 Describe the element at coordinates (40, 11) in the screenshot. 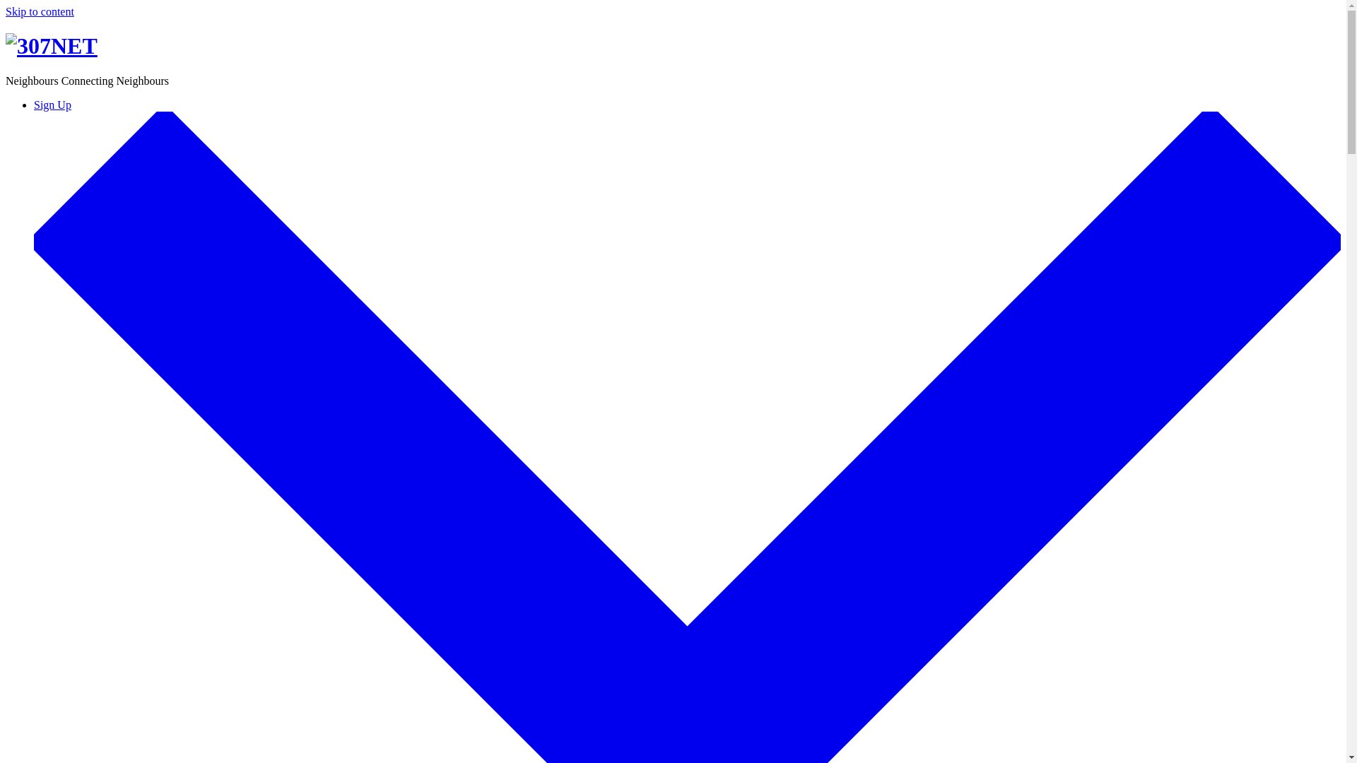

I see `'Skip to content'` at that location.